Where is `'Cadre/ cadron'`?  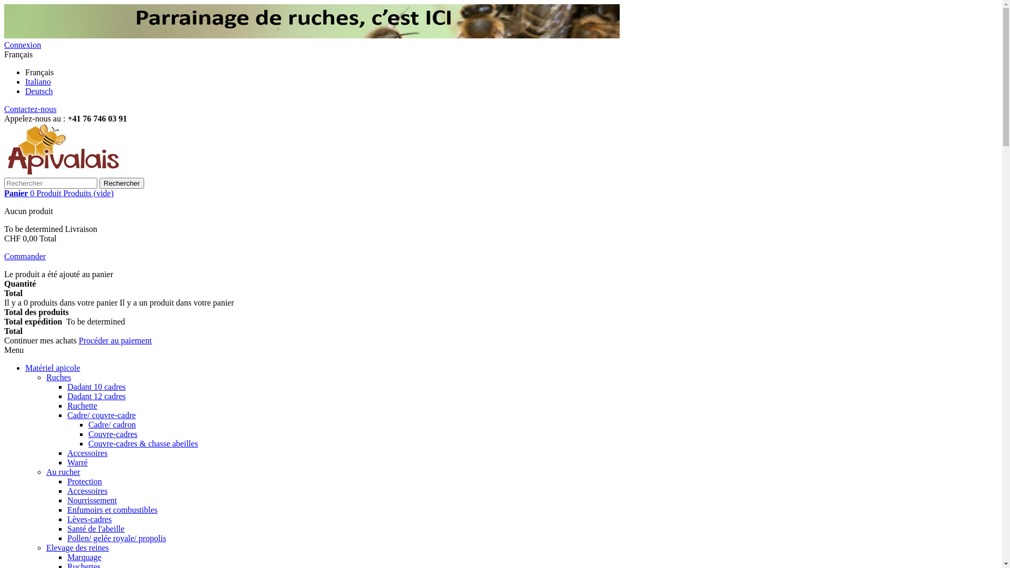 'Cadre/ cadron' is located at coordinates (112, 424).